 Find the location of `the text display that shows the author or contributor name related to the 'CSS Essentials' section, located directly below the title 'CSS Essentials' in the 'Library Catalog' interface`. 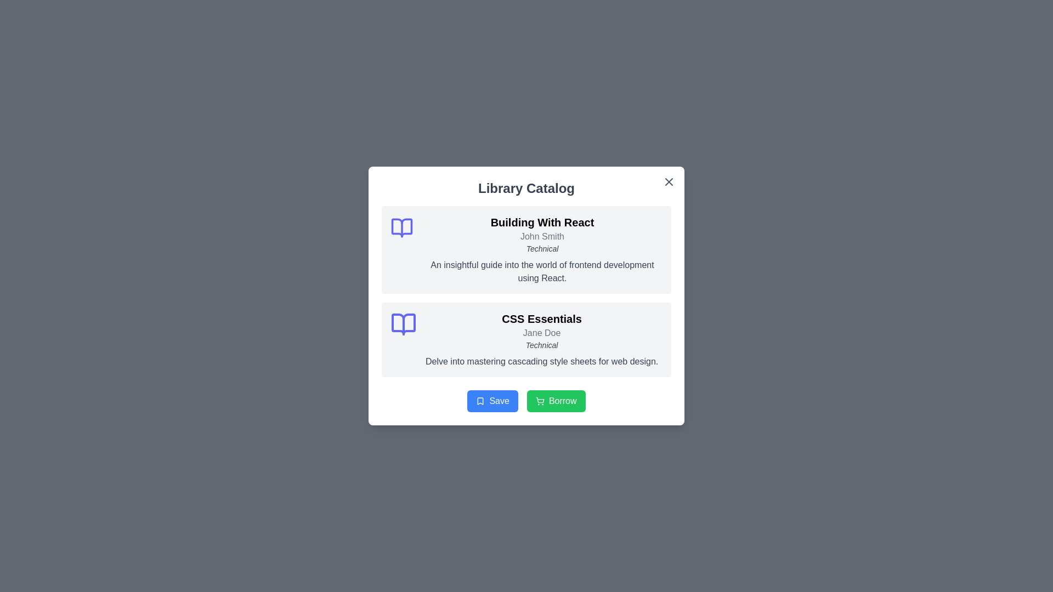

the text display that shows the author or contributor name related to the 'CSS Essentials' section, located directly below the title 'CSS Essentials' in the 'Library Catalog' interface is located at coordinates (542, 333).